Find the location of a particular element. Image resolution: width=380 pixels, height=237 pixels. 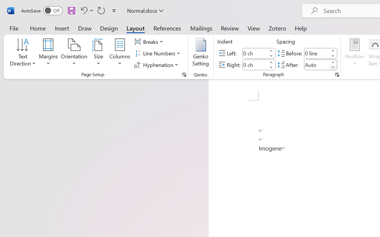

'Repeat Paragraph Formatting' is located at coordinates (101, 10).